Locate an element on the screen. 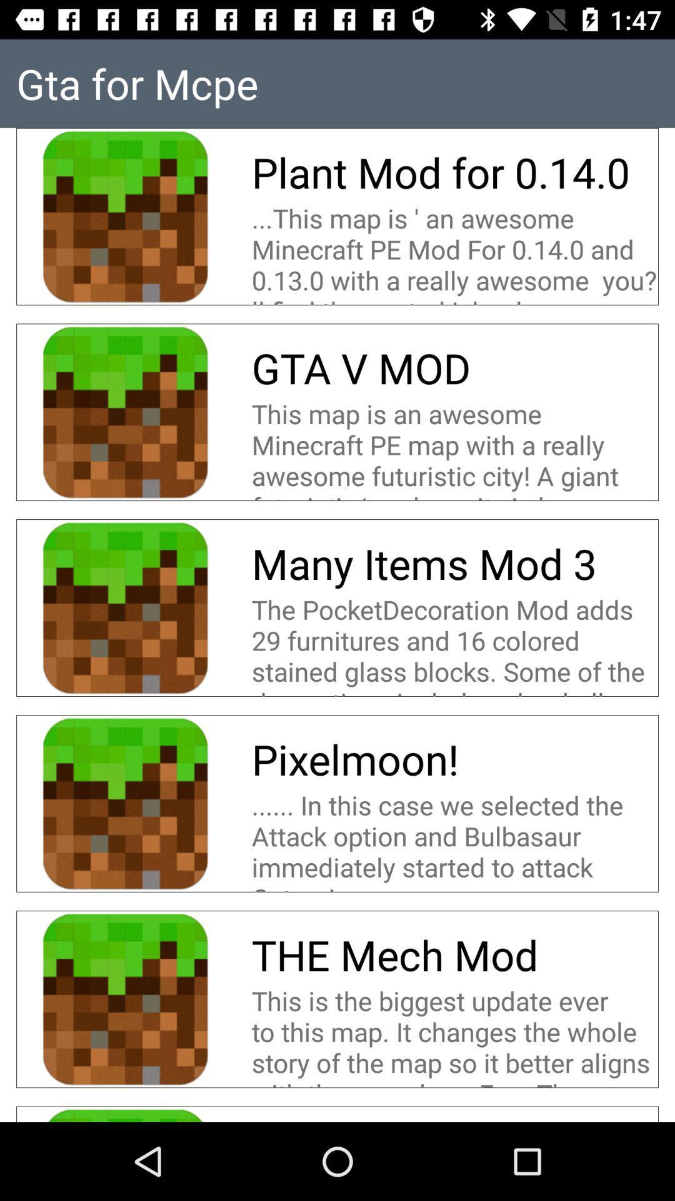 This screenshot has height=1201, width=675. the app below the this map is app is located at coordinates (361, 367).